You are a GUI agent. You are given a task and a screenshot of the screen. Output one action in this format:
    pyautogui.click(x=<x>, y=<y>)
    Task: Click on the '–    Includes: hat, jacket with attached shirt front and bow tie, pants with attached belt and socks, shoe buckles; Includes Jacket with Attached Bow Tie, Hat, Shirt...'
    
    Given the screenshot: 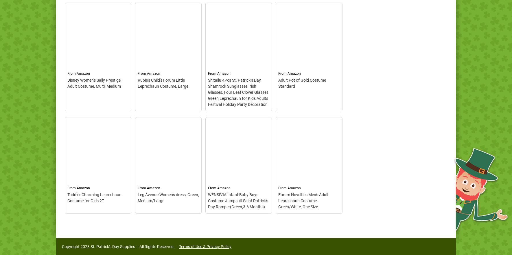 What is the action you would take?
    pyautogui.click(x=167, y=181)
    